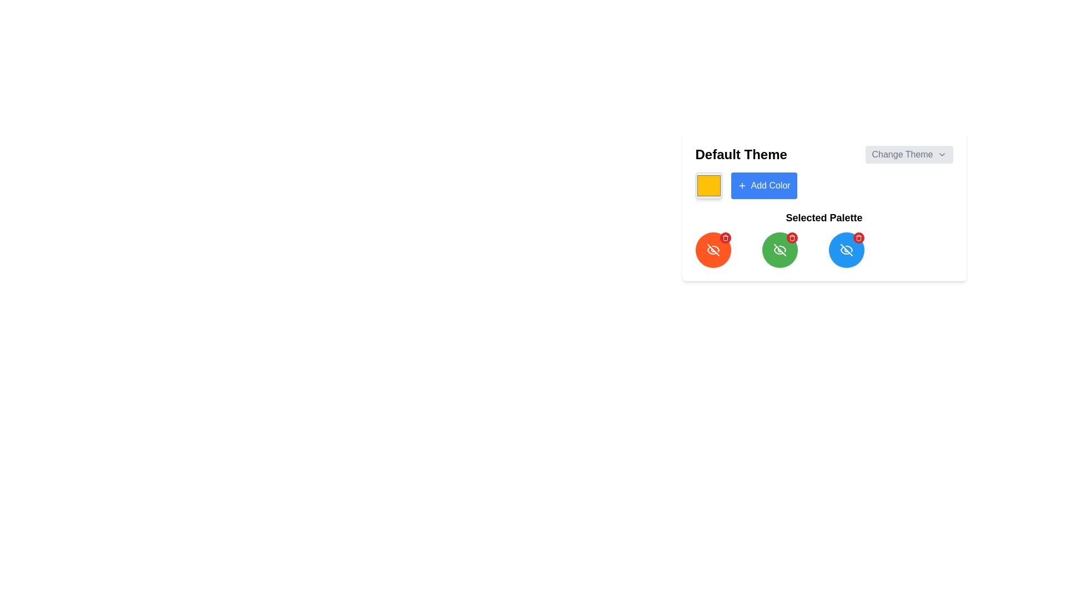  I want to click on the vibrant orange circular button with a central white 'eye-off' icon to trigger tooltip or highlighting effects, so click(713, 250).